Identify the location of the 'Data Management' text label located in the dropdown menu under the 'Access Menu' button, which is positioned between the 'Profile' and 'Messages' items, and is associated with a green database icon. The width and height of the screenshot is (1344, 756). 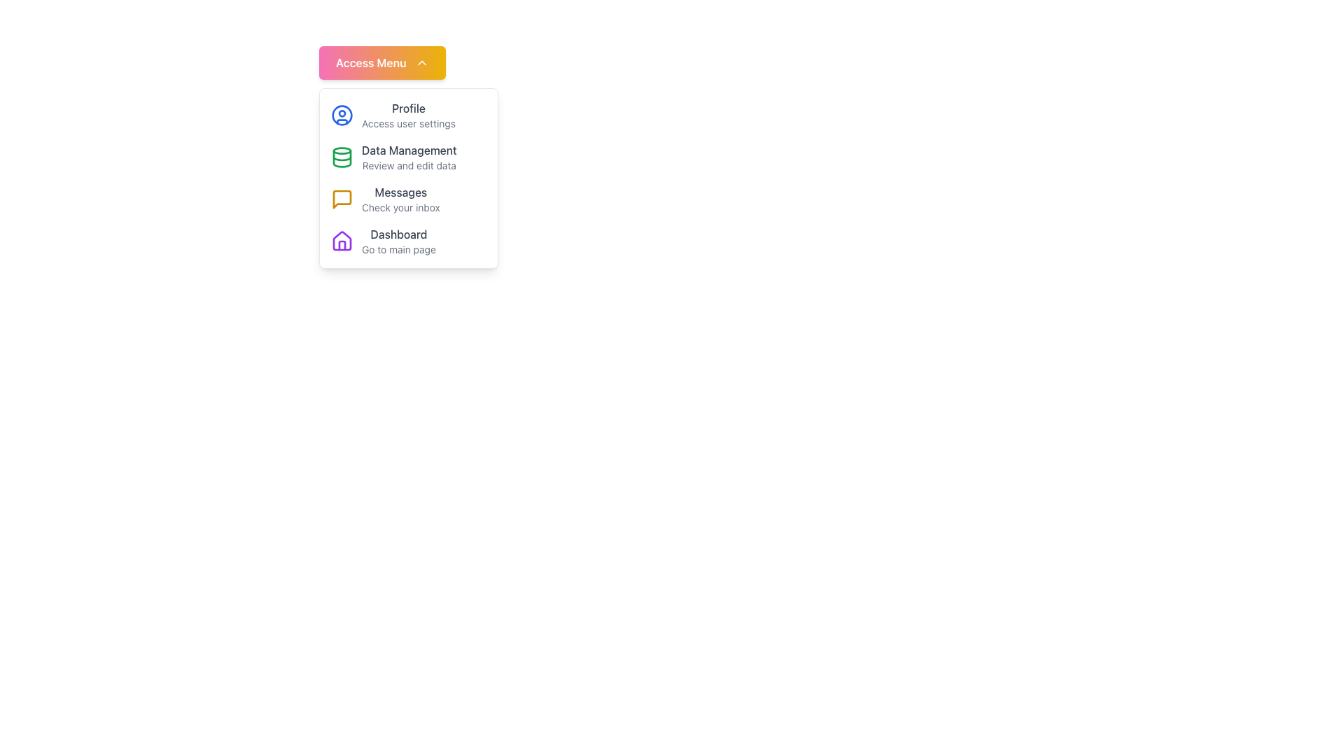
(408, 157).